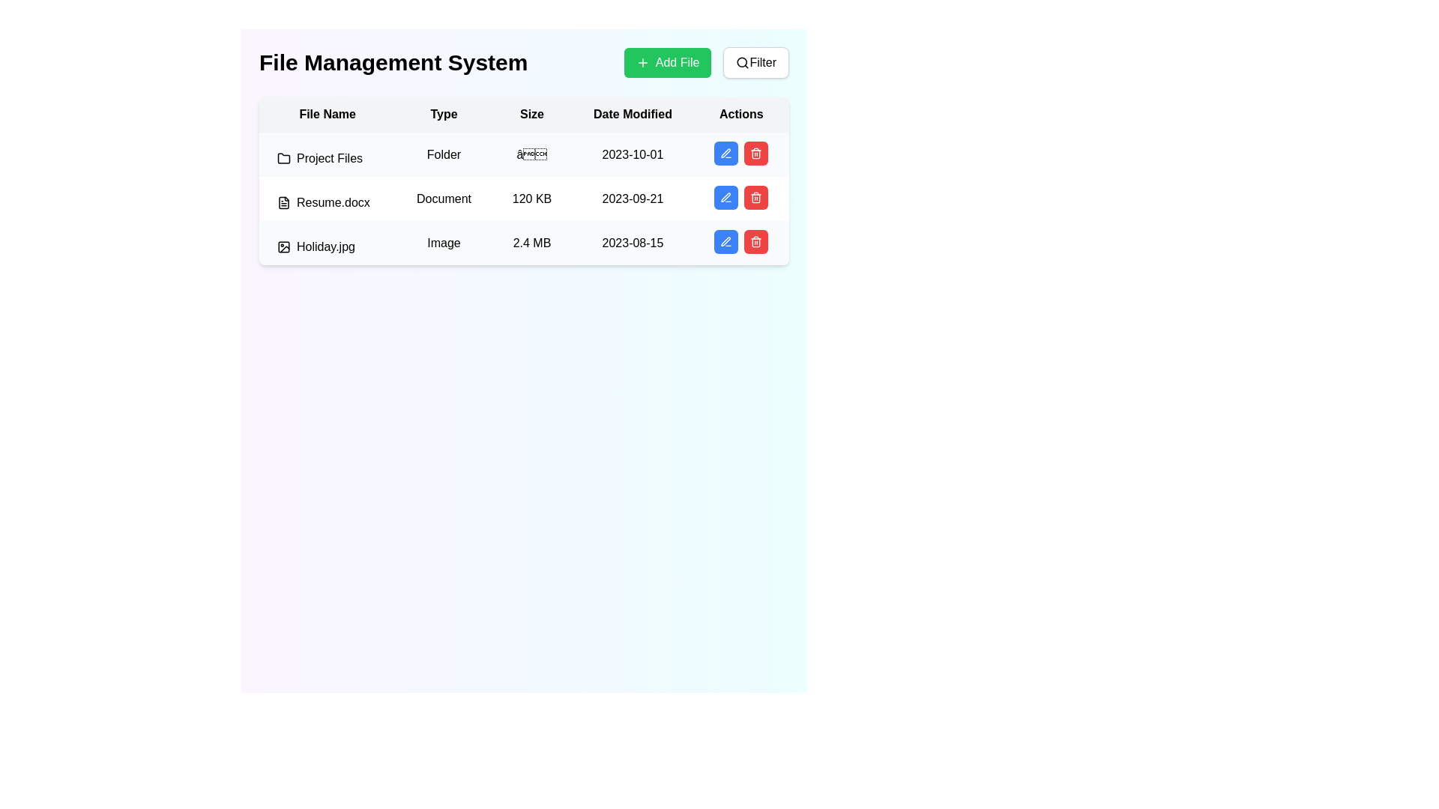 This screenshot has width=1439, height=809. What do you see at coordinates (756, 241) in the screenshot?
I see `the trash icon button, which is the rightmost action button in the last row of the table for the file 'Holiday.jpg', to potentially view a tooltip` at bounding box center [756, 241].